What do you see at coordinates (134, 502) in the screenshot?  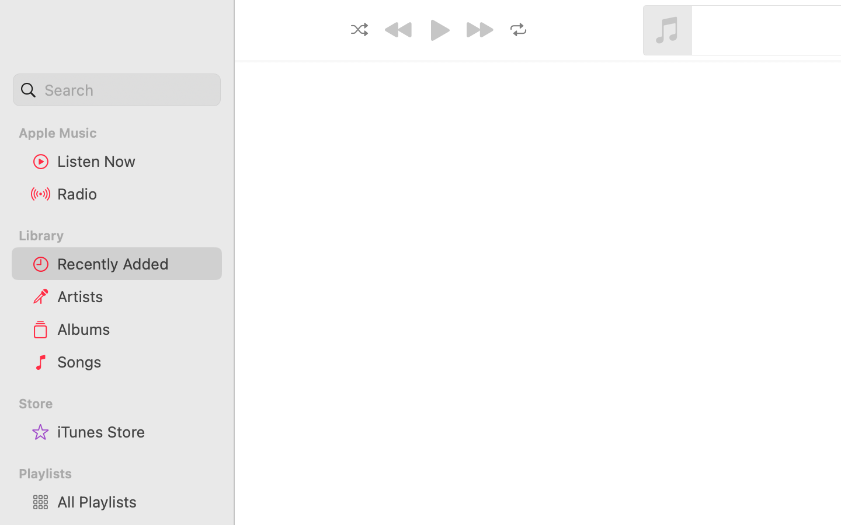 I see `'All Playlists'` at bounding box center [134, 502].